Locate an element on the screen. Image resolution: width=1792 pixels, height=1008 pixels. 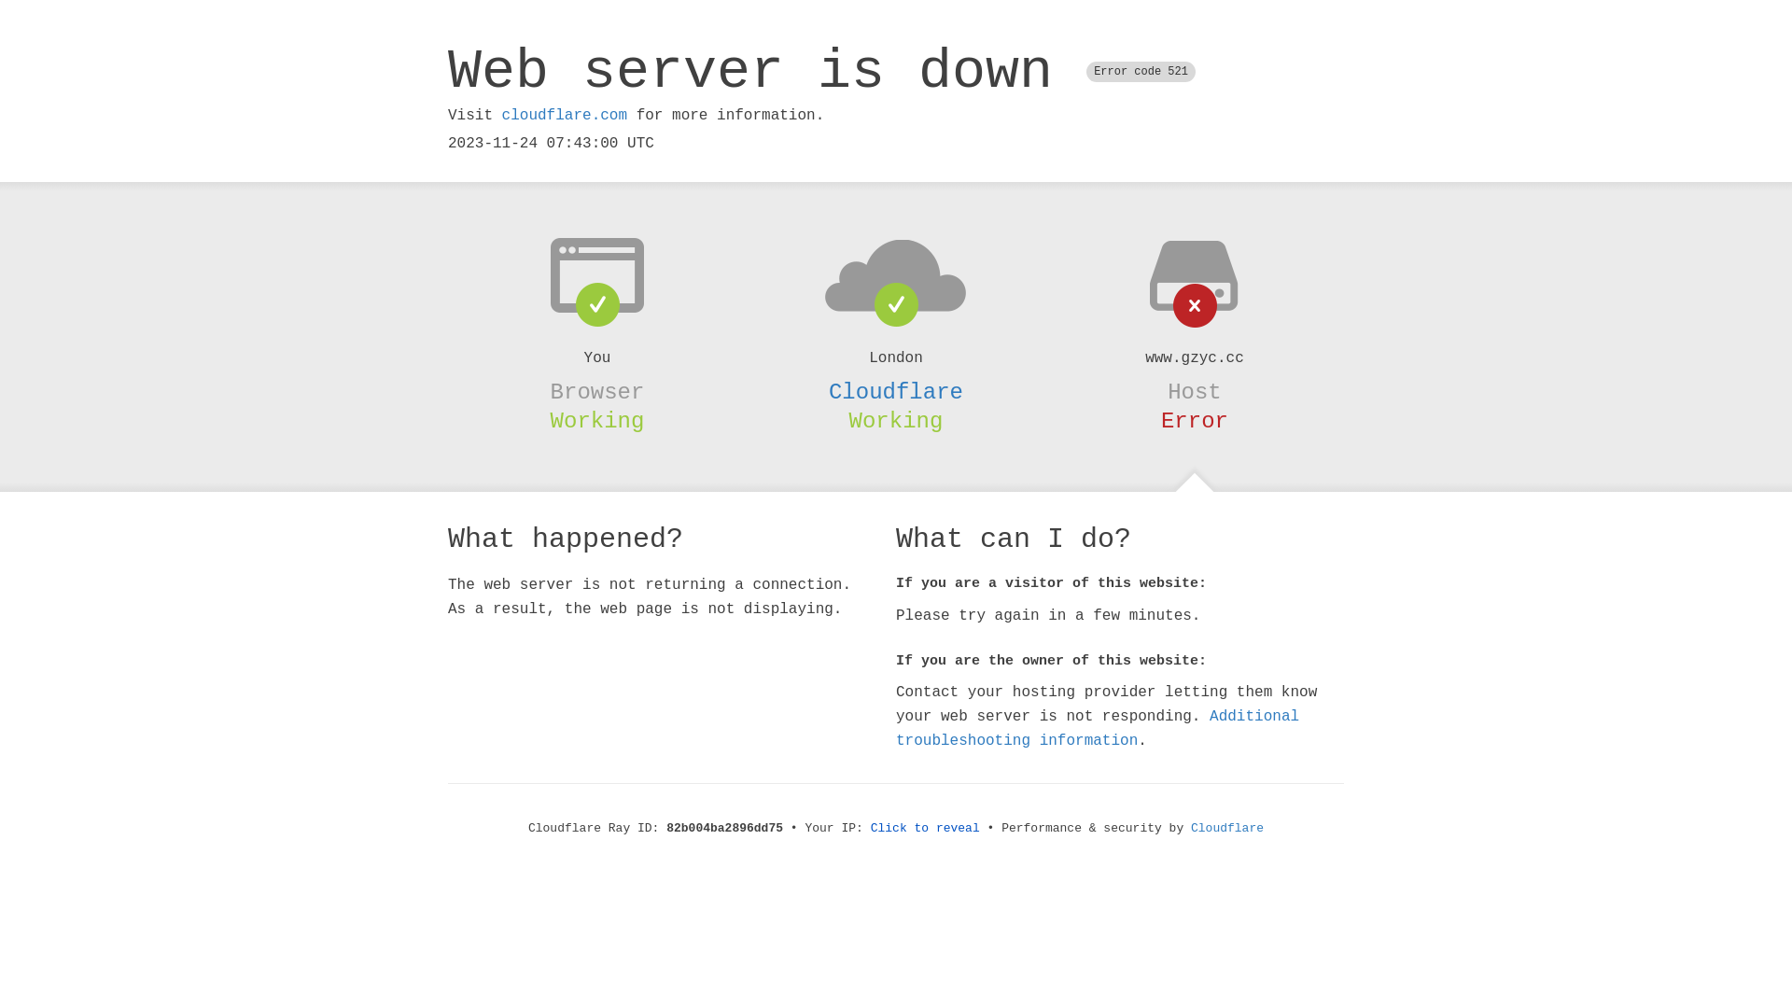
'Cloudflare' is located at coordinates (896, 391).